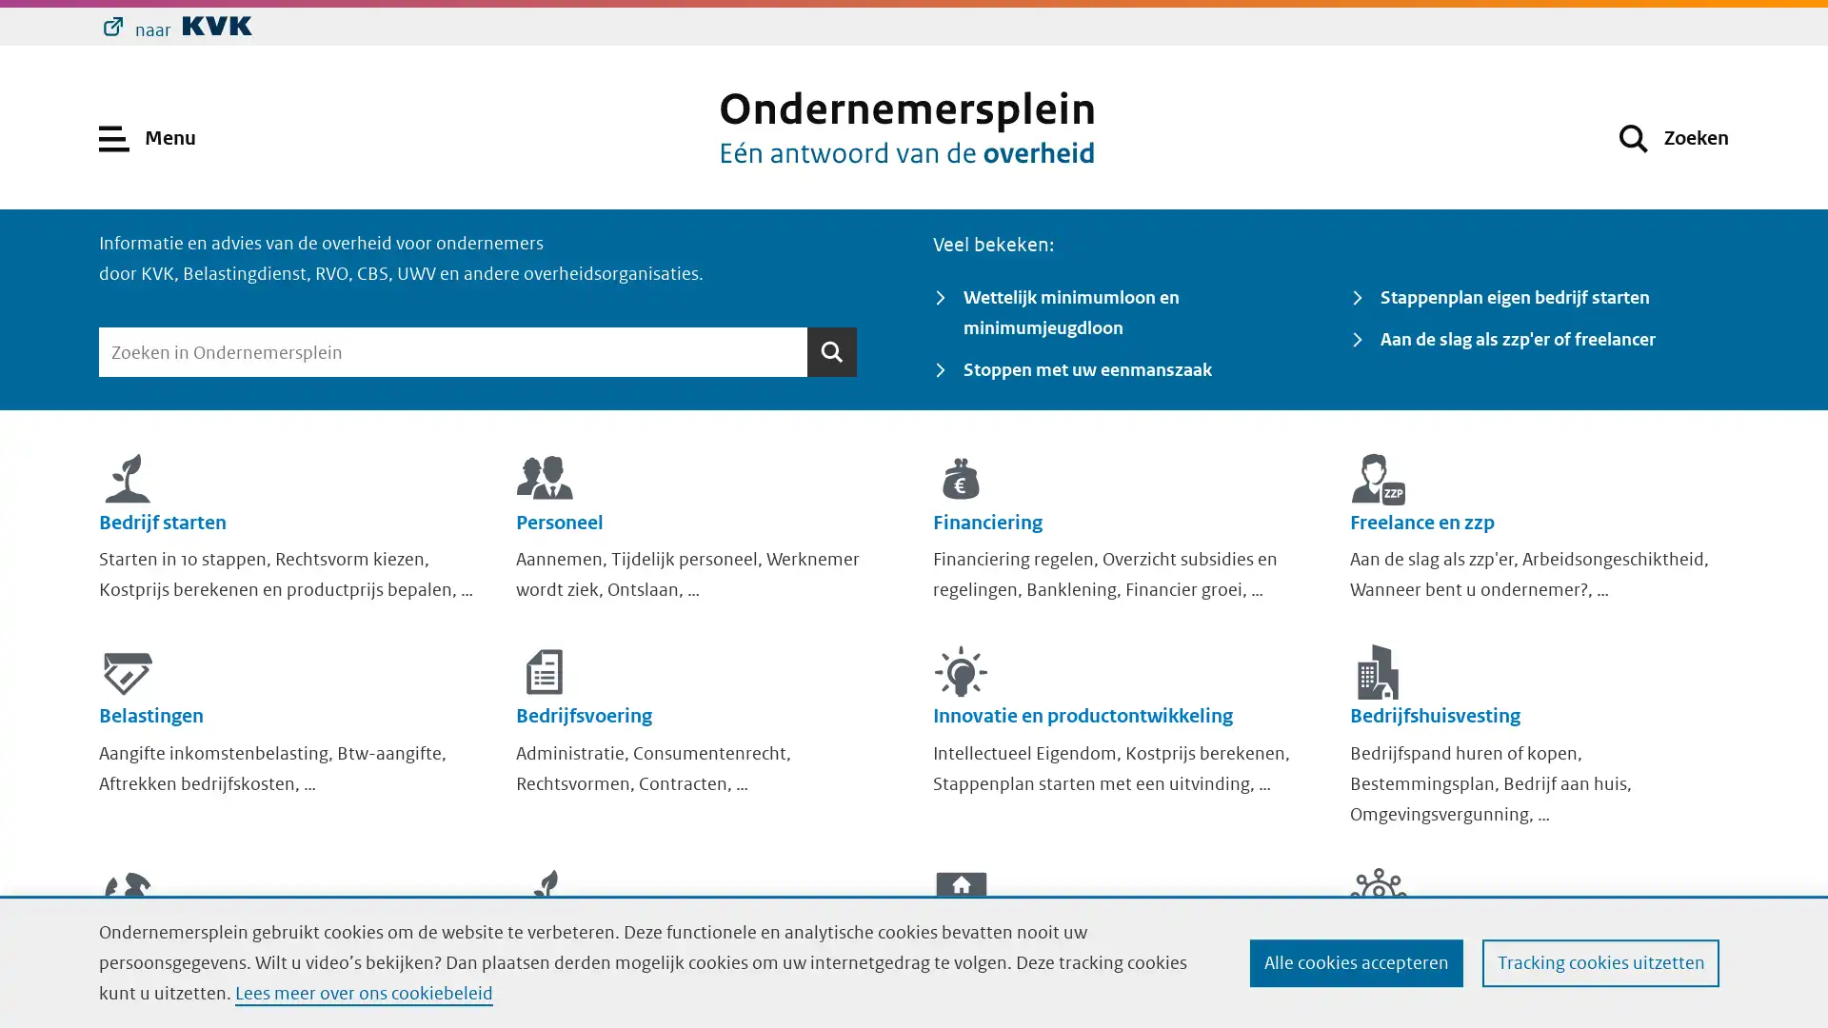  I want to click on Alle cookies accepteren, so click(1356, 962).